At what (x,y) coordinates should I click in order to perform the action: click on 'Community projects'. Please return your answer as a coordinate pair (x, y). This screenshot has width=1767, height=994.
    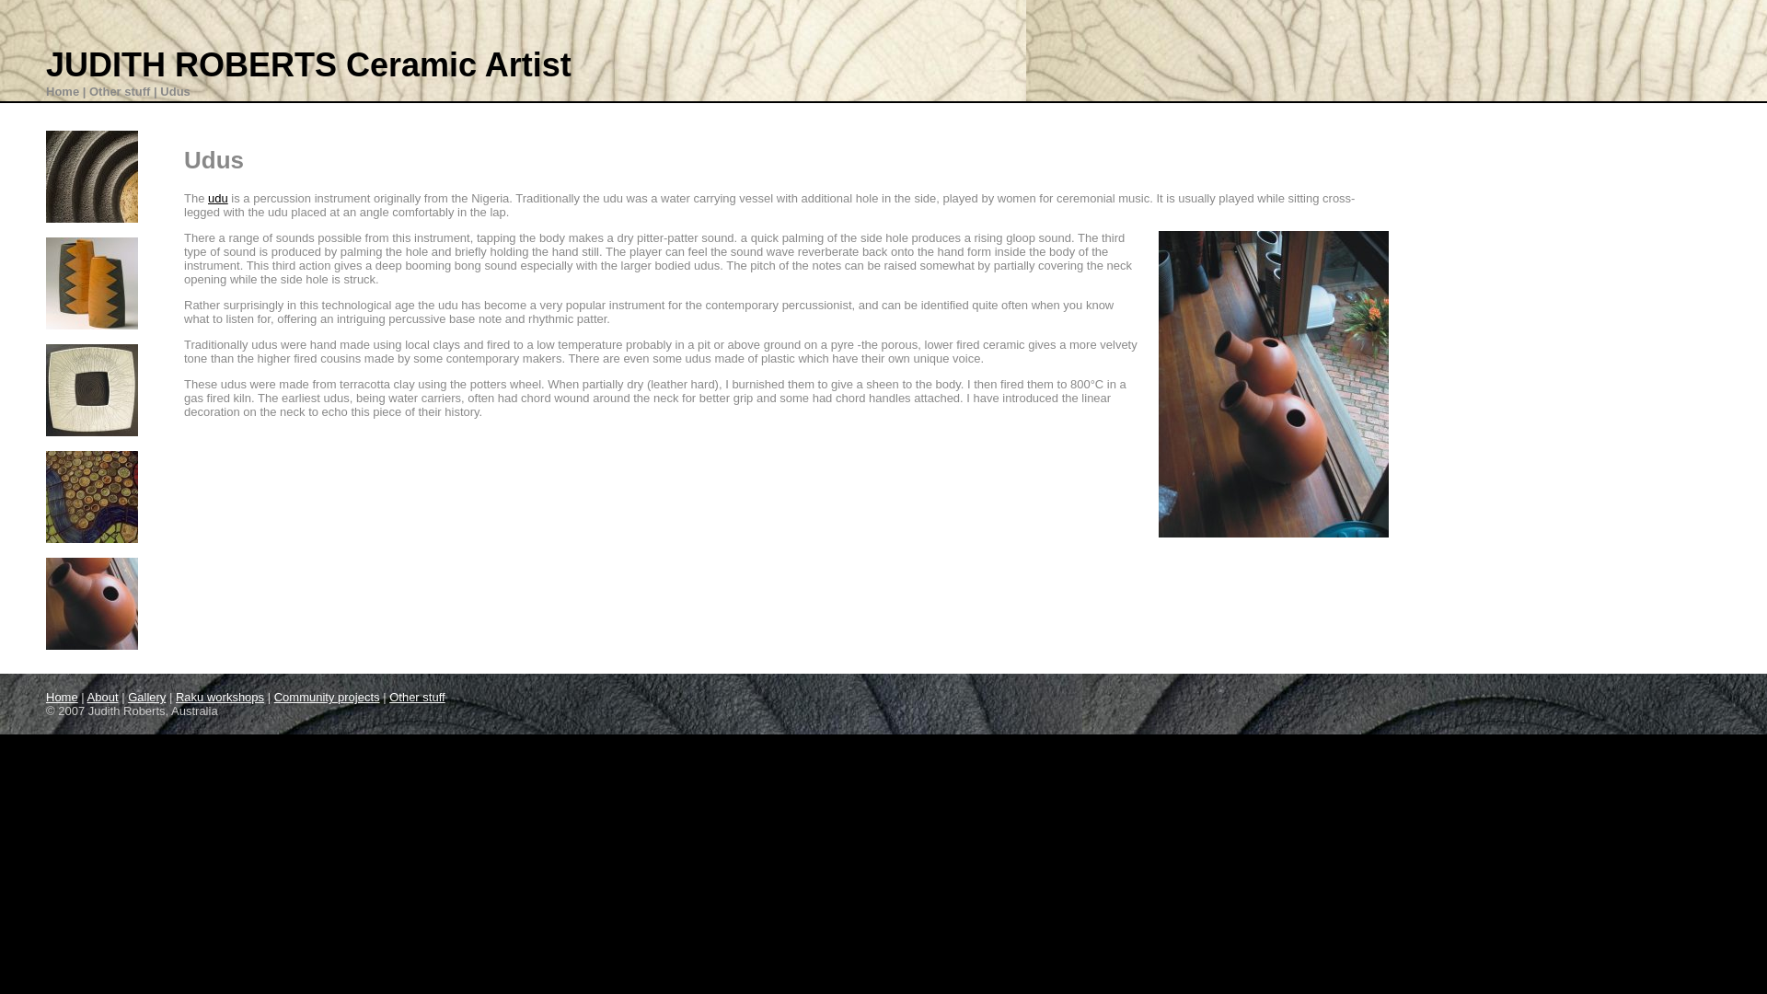
    Looking at the image, I should click on (327, 697).